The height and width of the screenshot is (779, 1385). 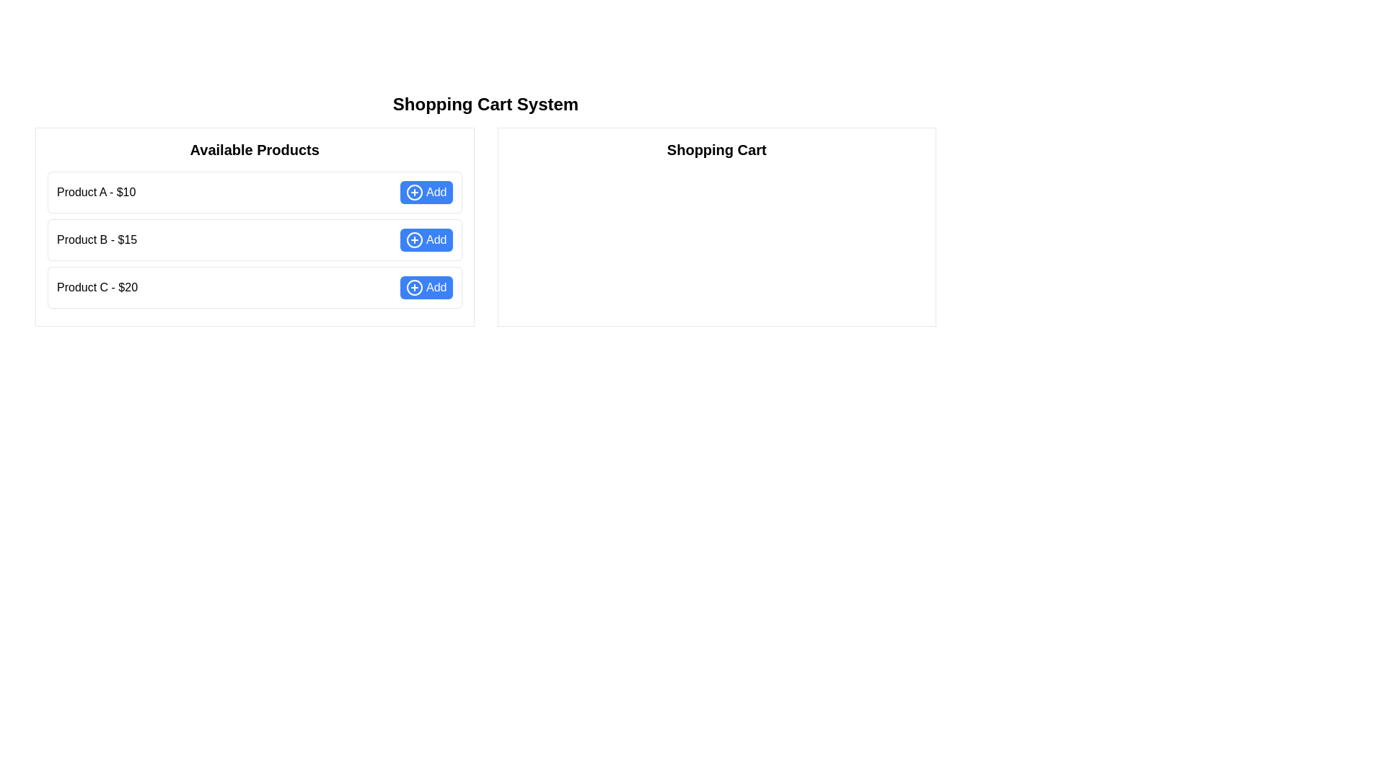 I want to click on the 'Add' button with a blue background and white text located at the far-right of the third row in the 'Available Products' section, so click(x=426, y=287).